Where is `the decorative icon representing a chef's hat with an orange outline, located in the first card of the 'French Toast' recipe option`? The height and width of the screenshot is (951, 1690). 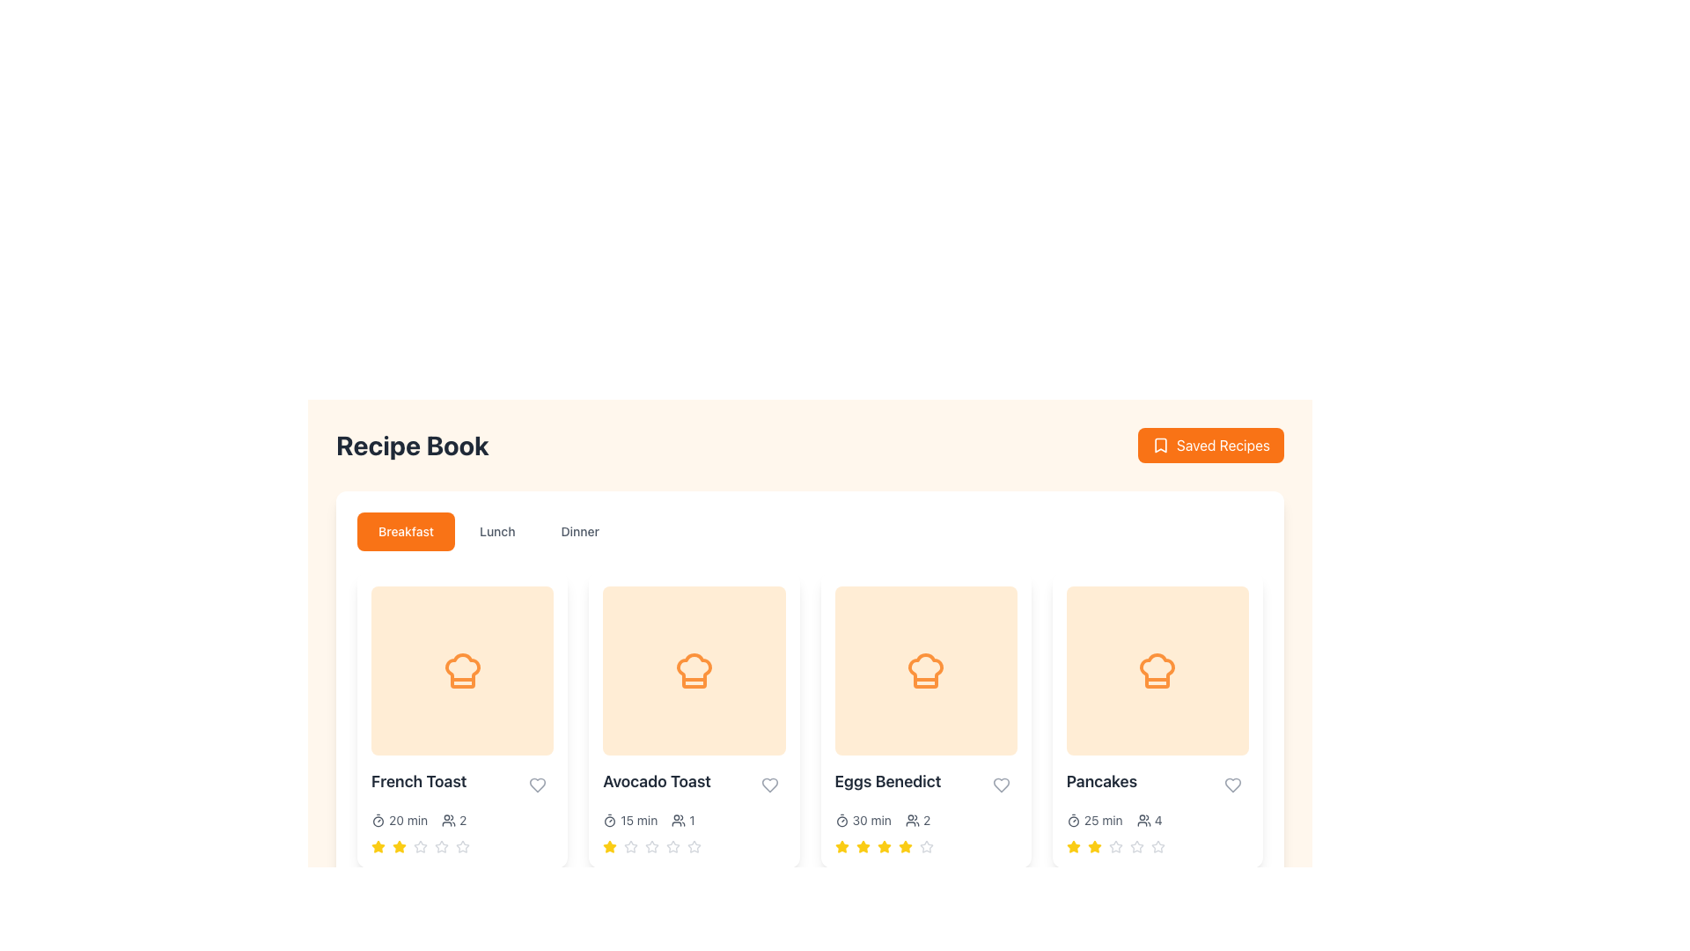 the decorative icon representing a chef's hat with an orange outline, located in the first card of the 'French Toast' recipe option is located at coordinates (462, 671).